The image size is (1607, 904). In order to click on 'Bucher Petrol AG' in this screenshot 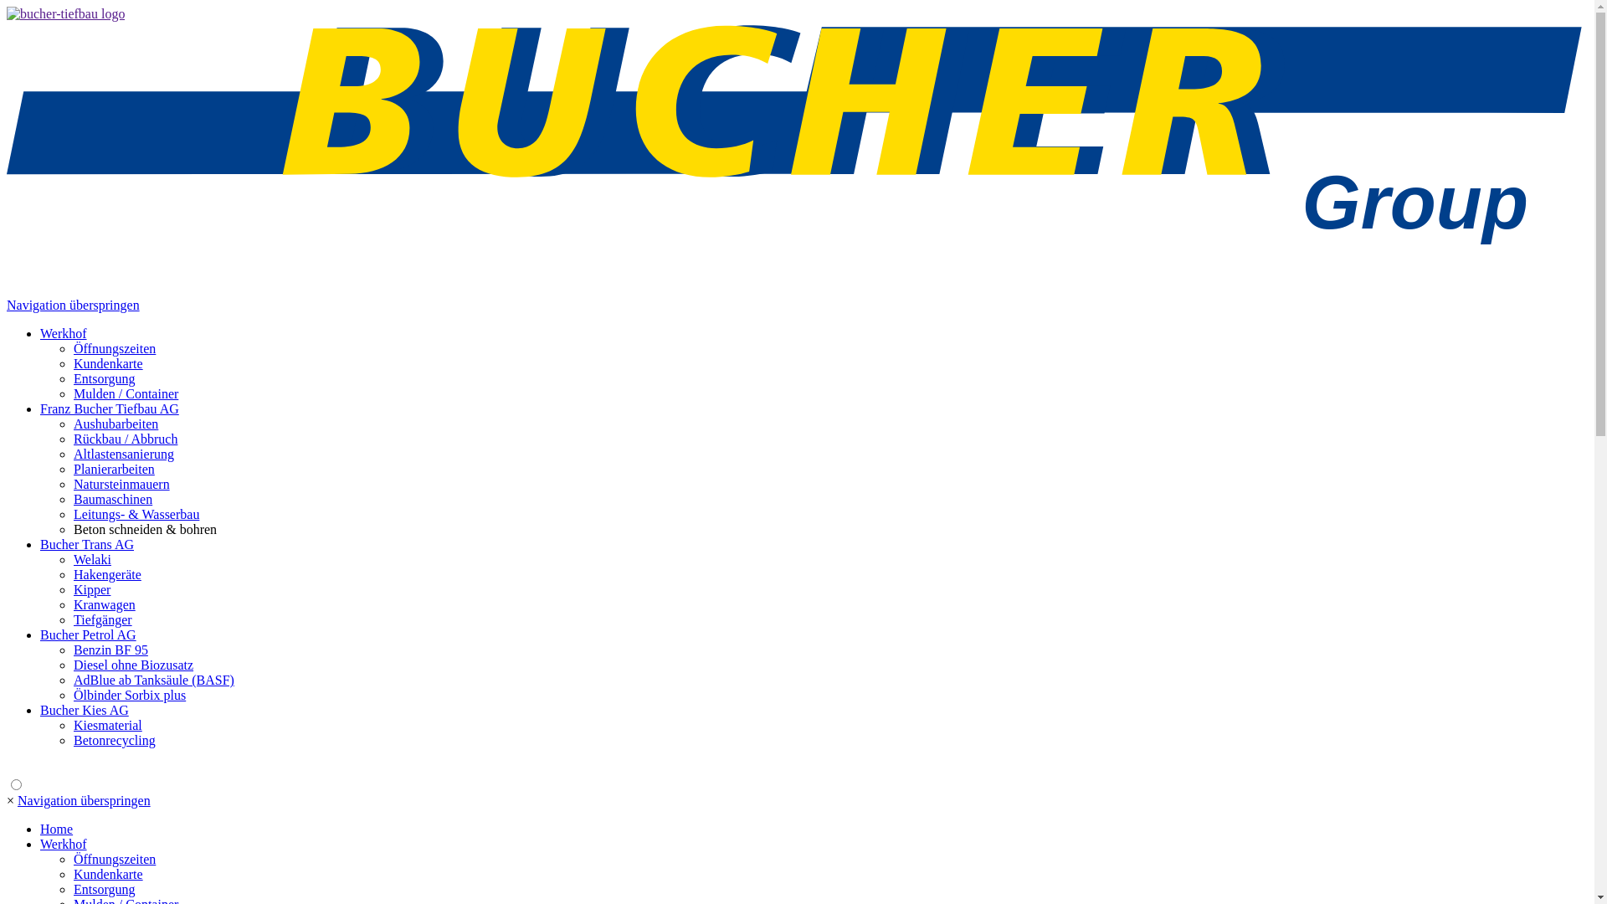, I will do `click(87, 634)`.